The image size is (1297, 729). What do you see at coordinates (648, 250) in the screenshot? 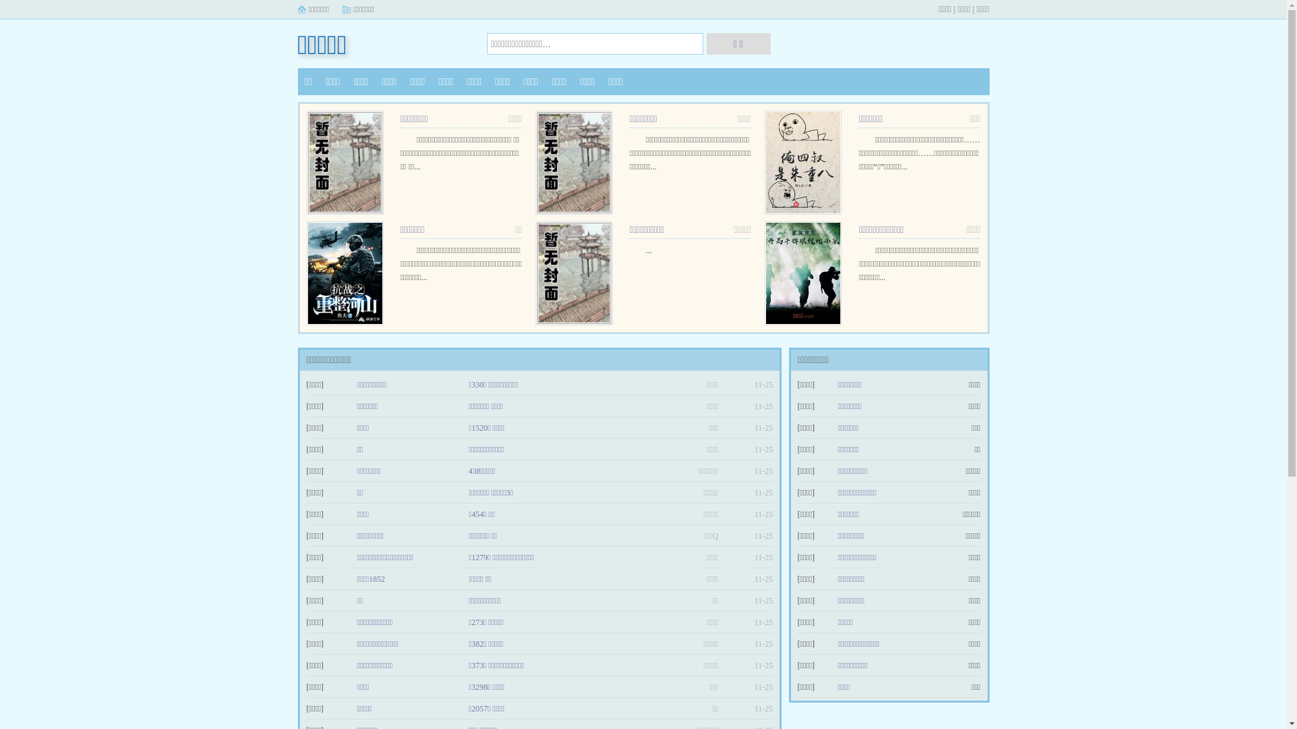
I see `'...'` at bounding box center [648, 250].